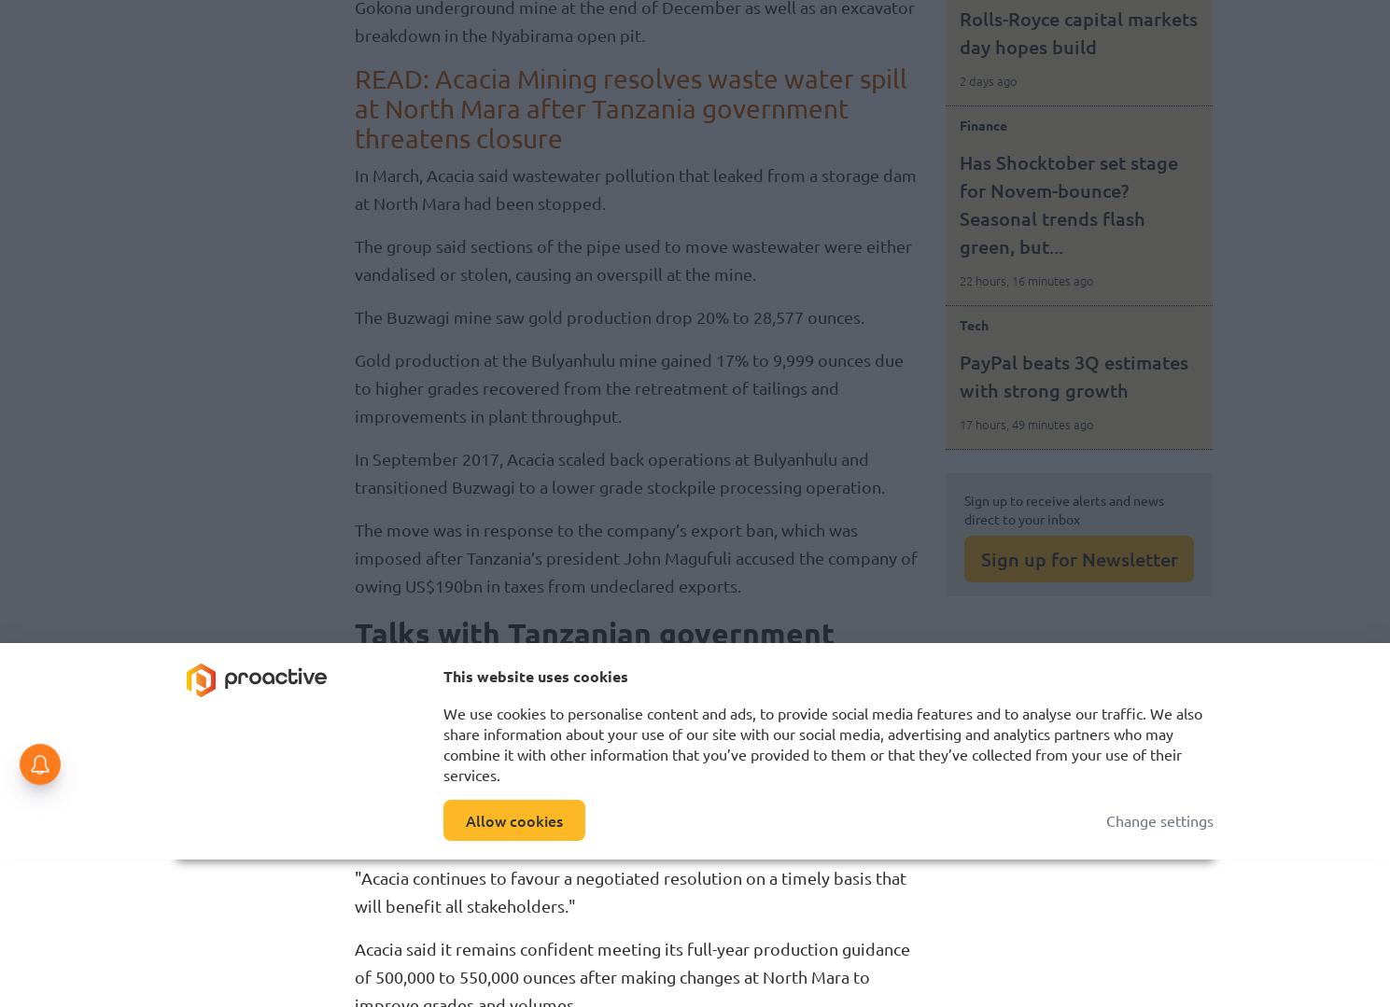 This screenshot has height=1007, width=1390. I want to click on '17 hours, 49 minutes ago', so click(1026, 424).